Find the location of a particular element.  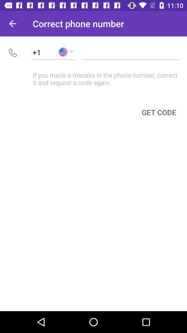

item to the left of the correct phone number item is located at coordinates (12, 24).